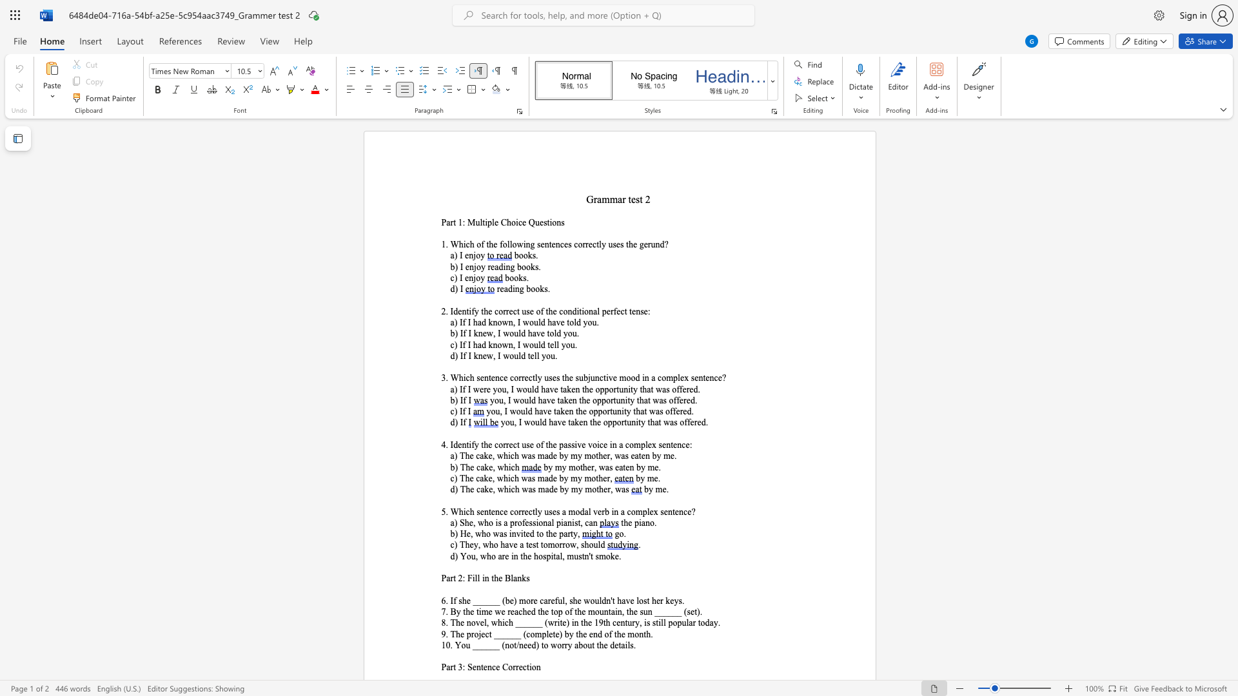  What do you see at coordinates (551, 400) in the screenshot?
I see `the space between the continuous character "v" and "e" in the text` at bounding box center [551, 400].